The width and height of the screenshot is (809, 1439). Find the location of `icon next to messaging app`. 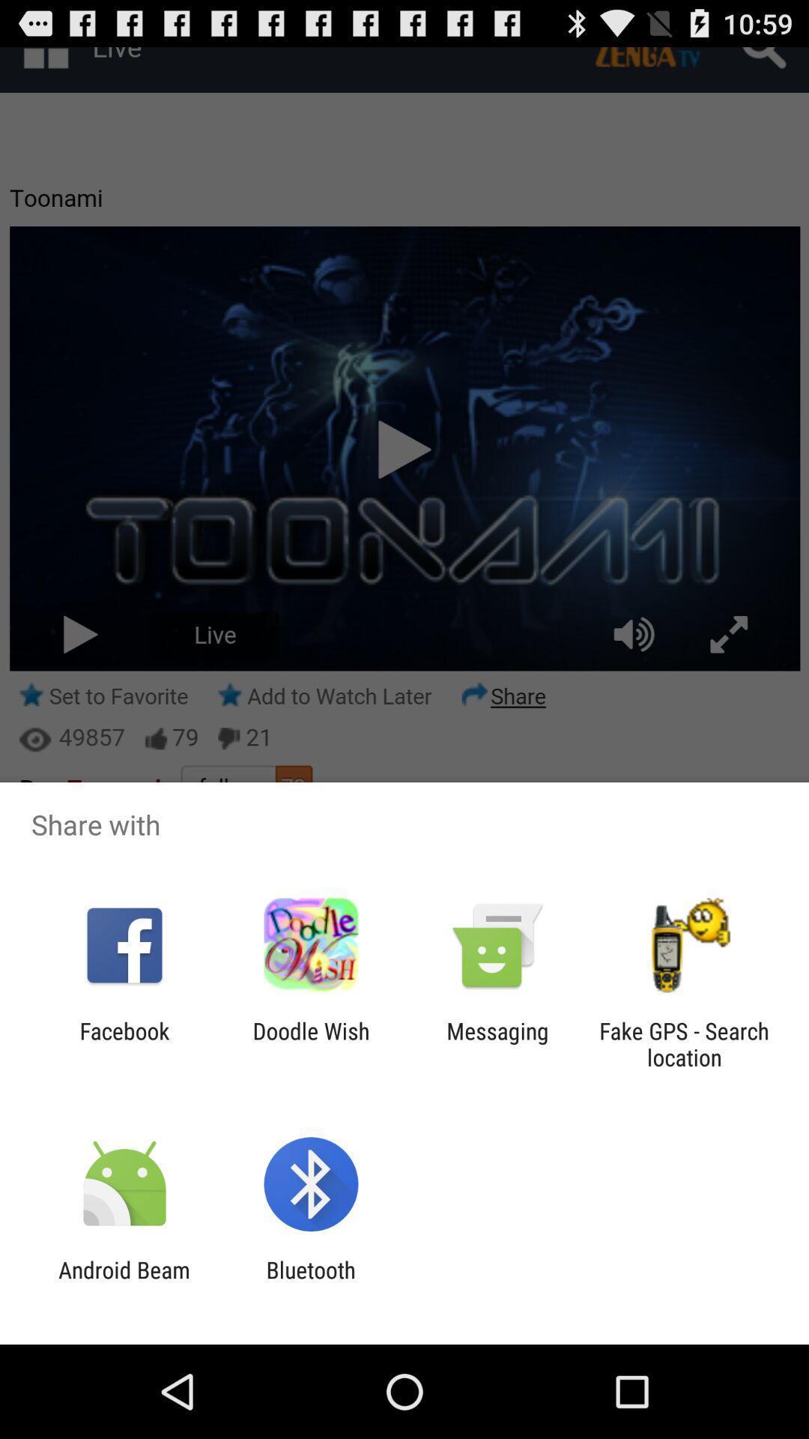

icon next to messaging app is located at coordinates (684, 1043).